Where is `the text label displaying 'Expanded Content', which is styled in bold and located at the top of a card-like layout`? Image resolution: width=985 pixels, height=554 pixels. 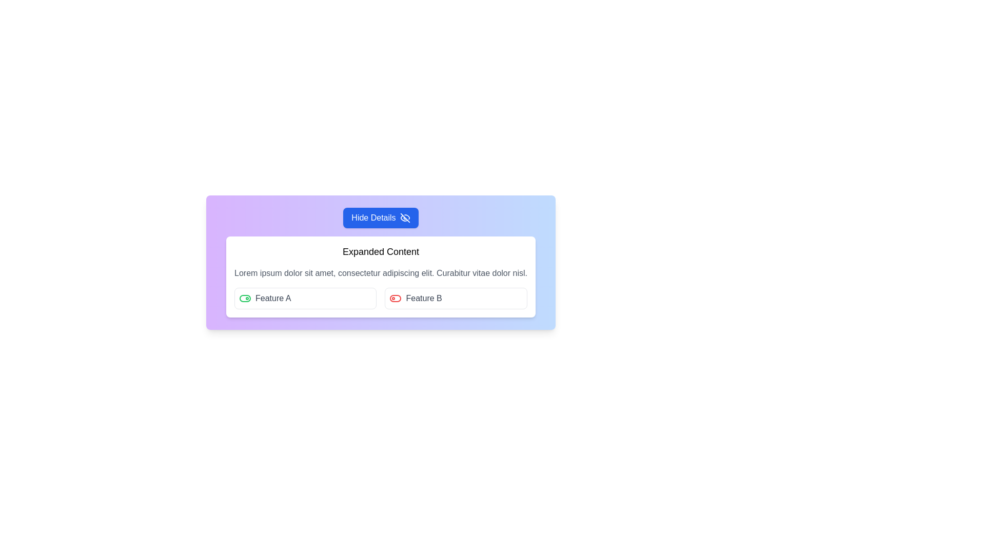
the text label displaying 'Expanded Content', which is styled in bold and located at the top of a card-like layout is located at coordinates (380, 251).